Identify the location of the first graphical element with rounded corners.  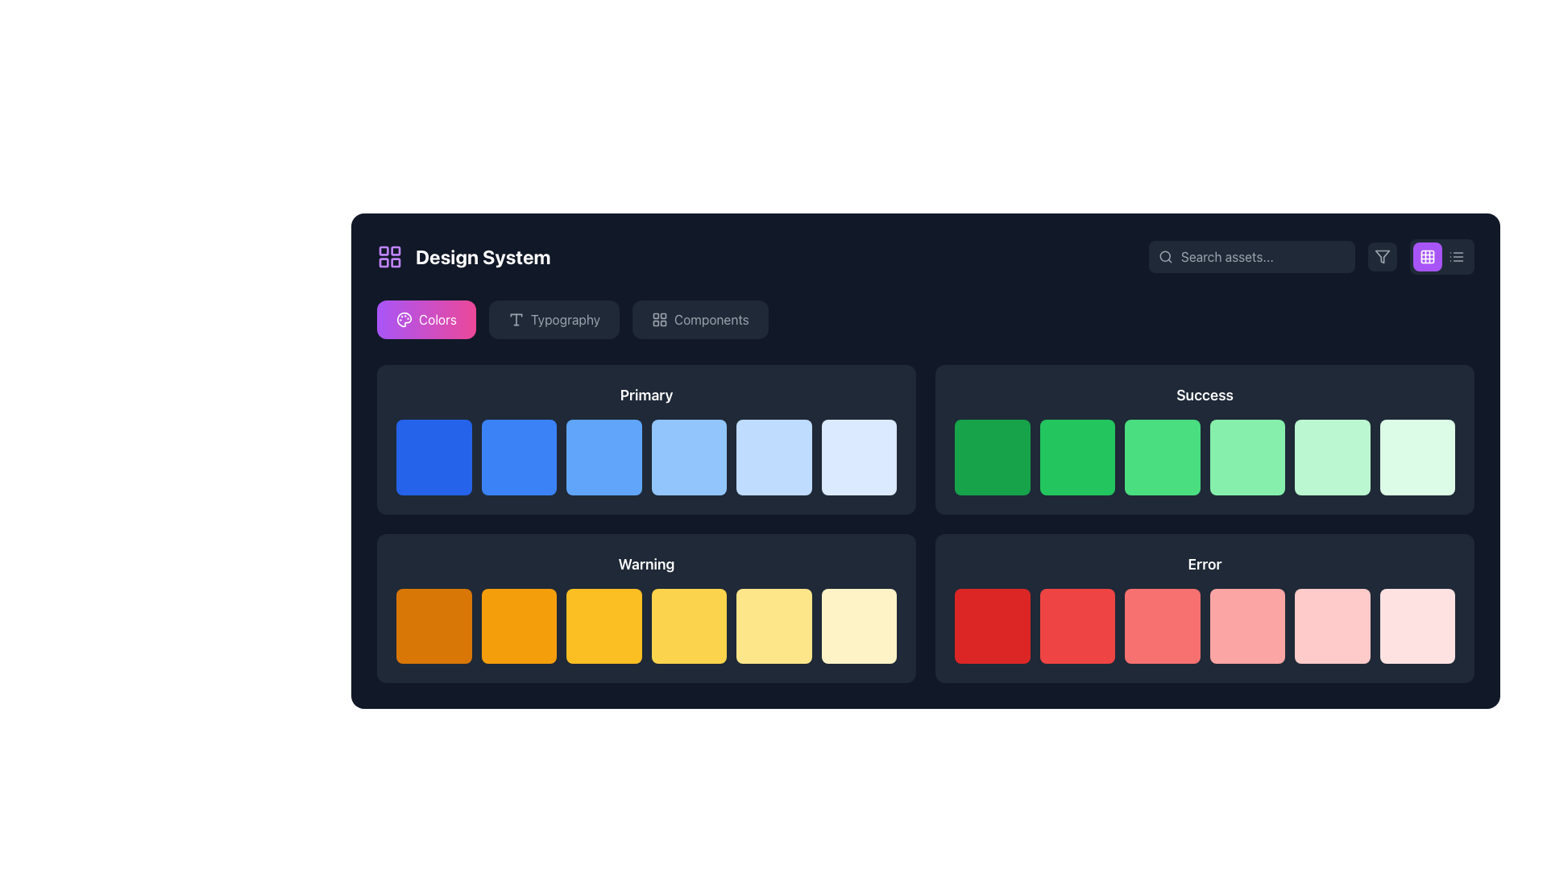
(993, 459).